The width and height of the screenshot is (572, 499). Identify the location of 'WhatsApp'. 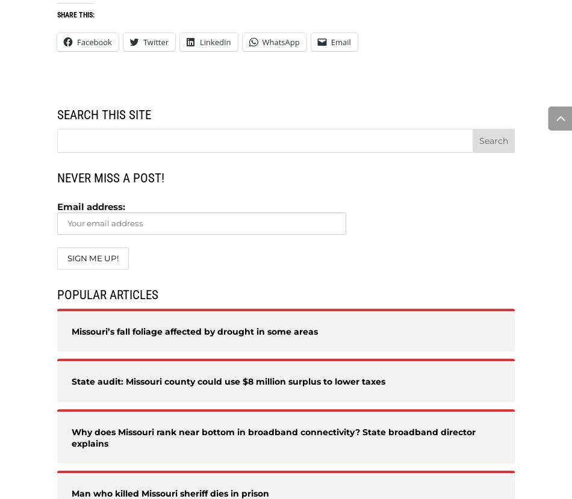
(279, 40).